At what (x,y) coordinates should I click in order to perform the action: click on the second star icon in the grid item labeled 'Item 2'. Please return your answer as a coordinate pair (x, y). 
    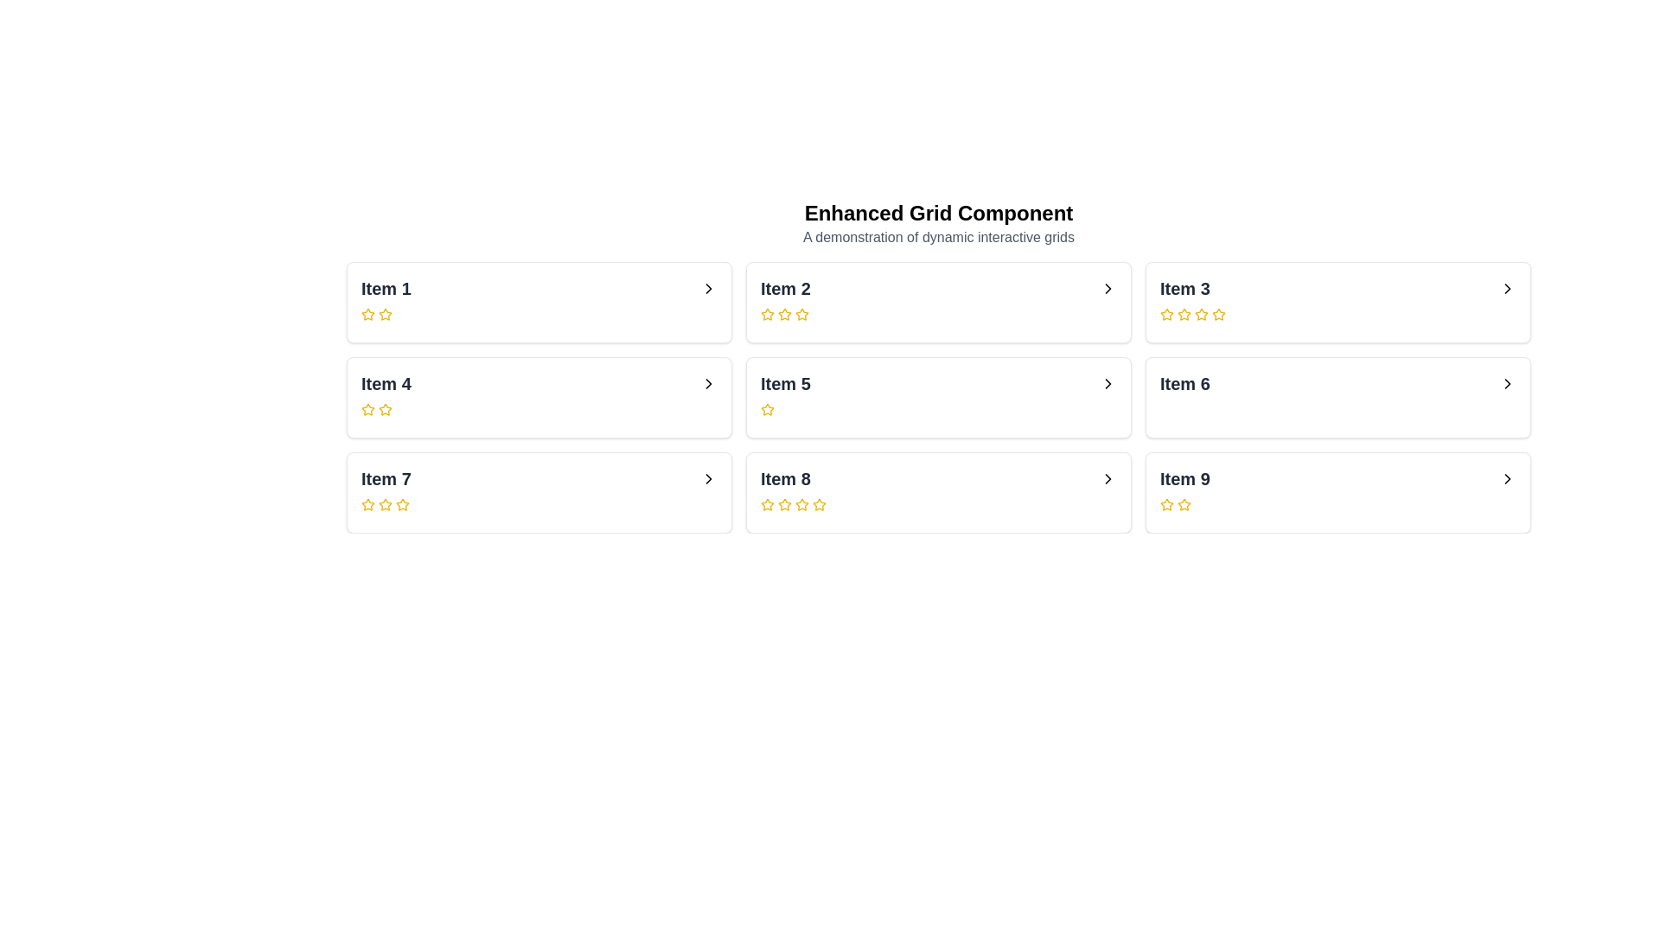
    Looking at the image, I should click on (801, 314).